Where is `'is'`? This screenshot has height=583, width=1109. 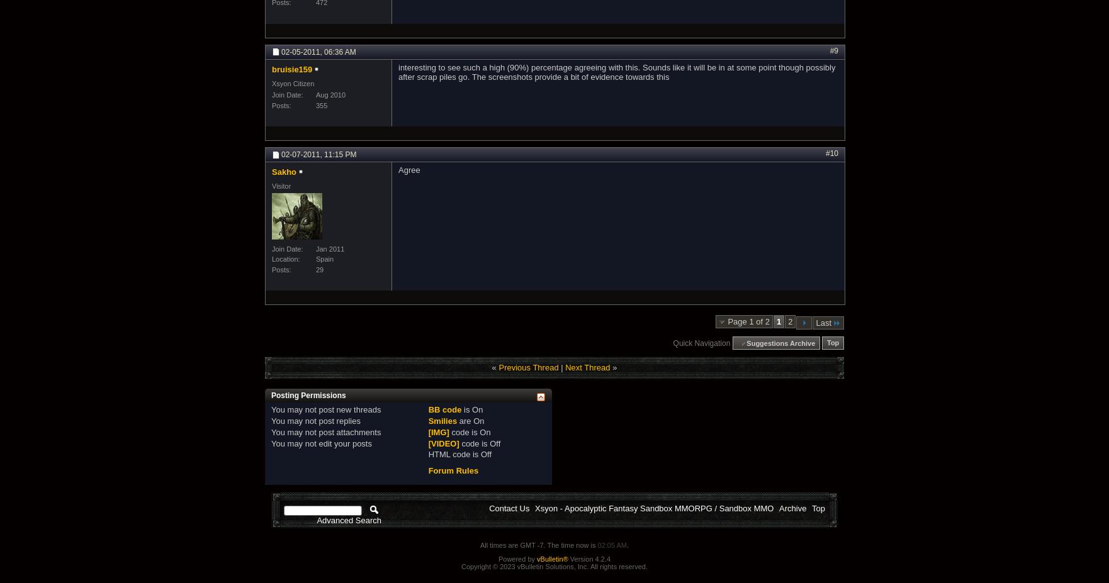 'is' is located at coordinates (460, 408).